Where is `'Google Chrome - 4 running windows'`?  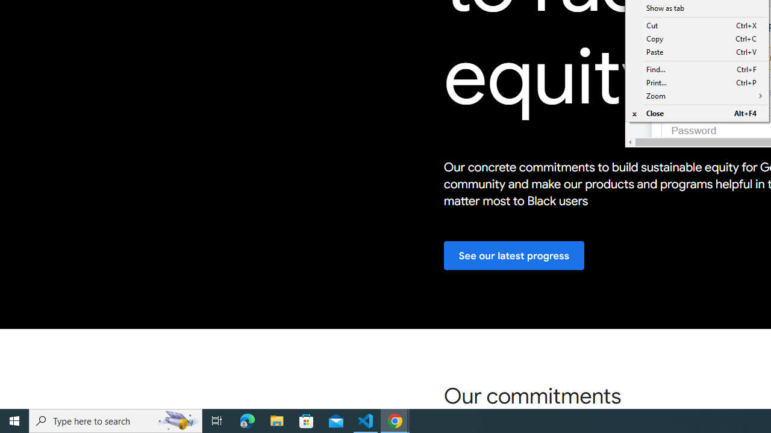
'Google Chrome - 4 running windows' is located at coordinates (395, 420).